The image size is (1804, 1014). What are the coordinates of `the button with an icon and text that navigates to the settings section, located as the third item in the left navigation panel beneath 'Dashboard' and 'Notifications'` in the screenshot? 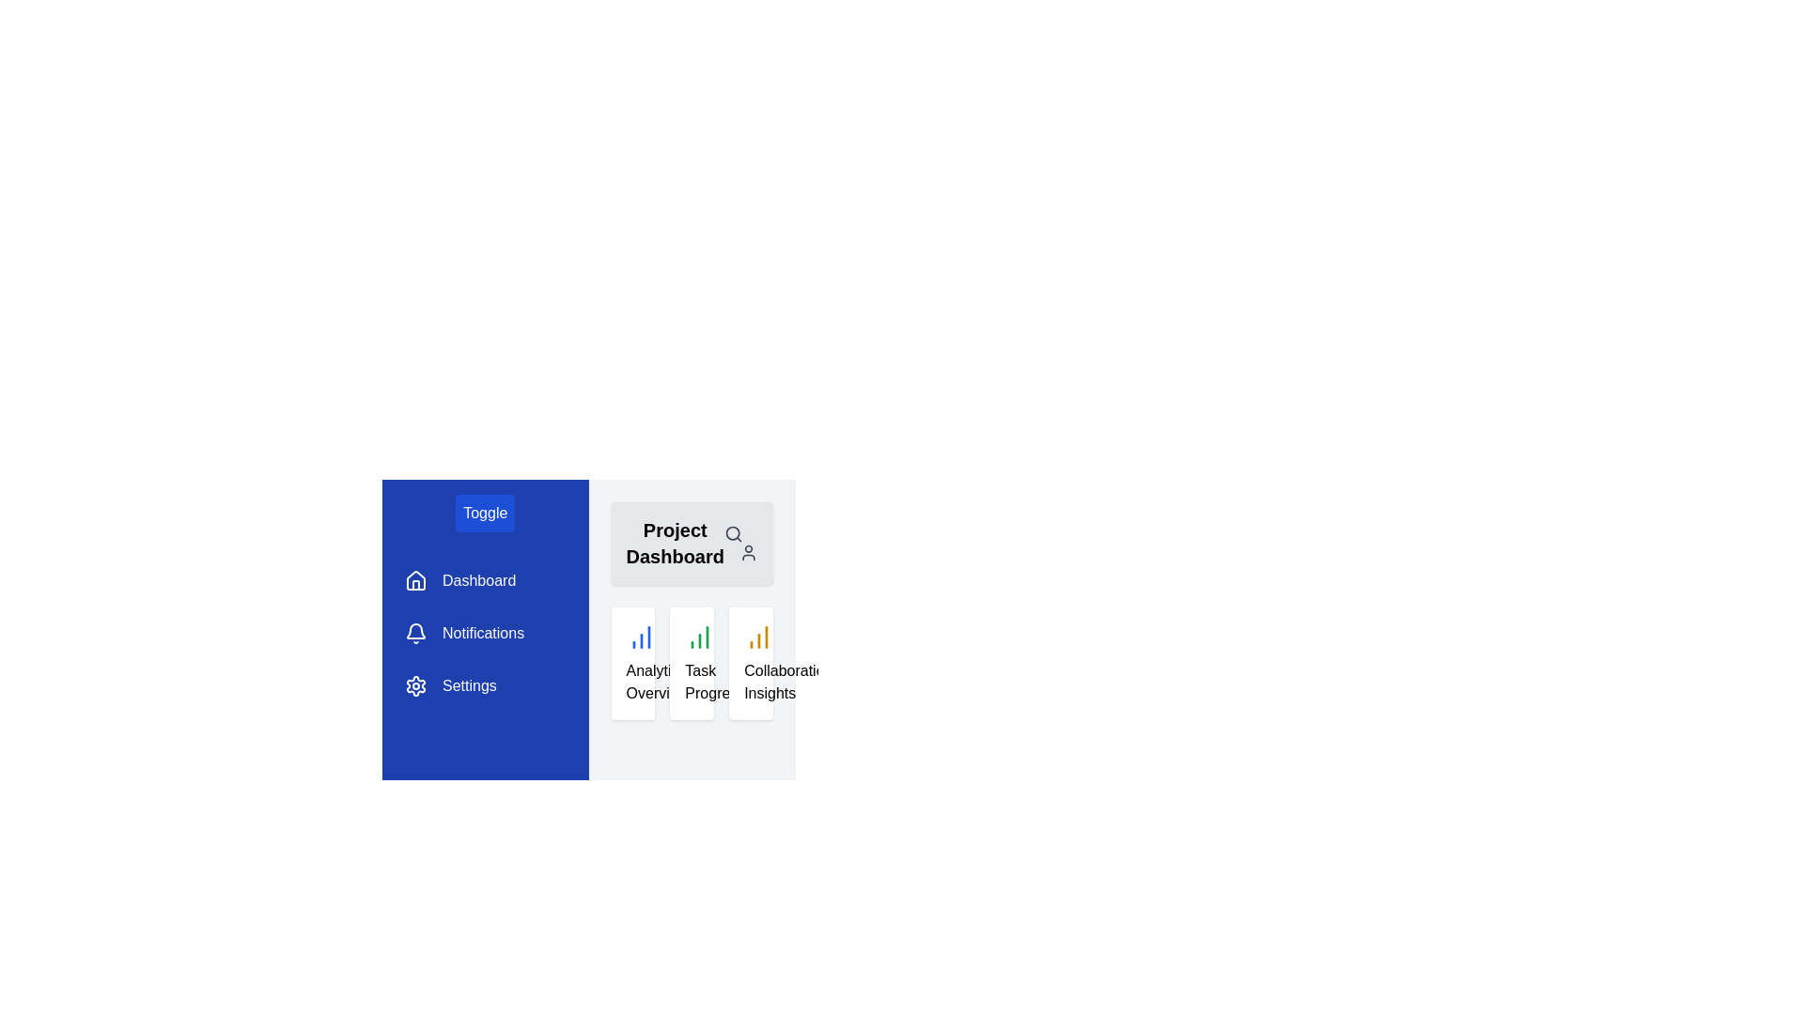 It's located at (451, 686).